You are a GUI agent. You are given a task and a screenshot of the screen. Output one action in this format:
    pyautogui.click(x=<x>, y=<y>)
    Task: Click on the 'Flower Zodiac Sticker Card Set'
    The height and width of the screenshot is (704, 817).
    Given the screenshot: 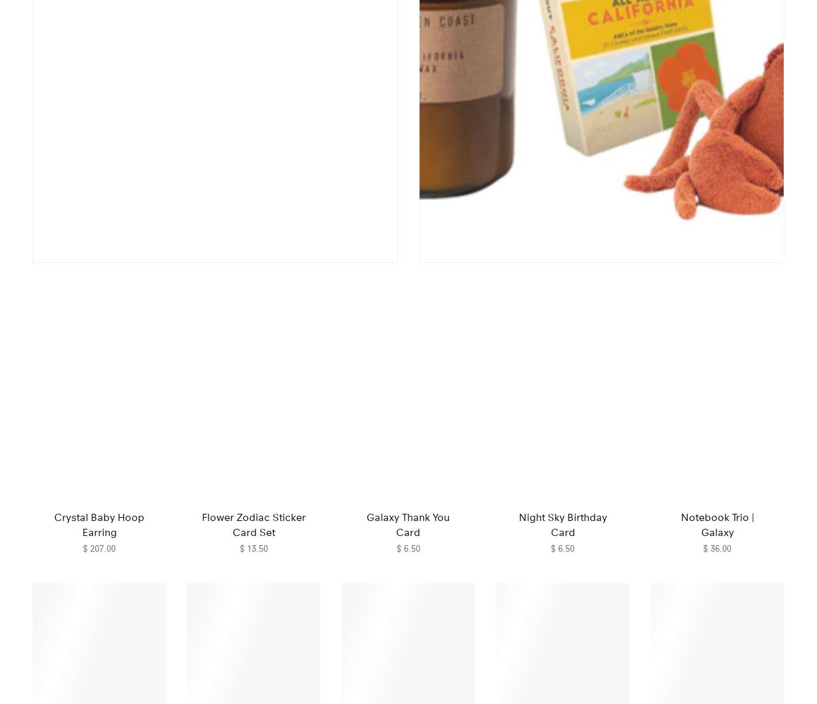 What is the action you would take?
    pyautogui.click(x=254, y=524)
    